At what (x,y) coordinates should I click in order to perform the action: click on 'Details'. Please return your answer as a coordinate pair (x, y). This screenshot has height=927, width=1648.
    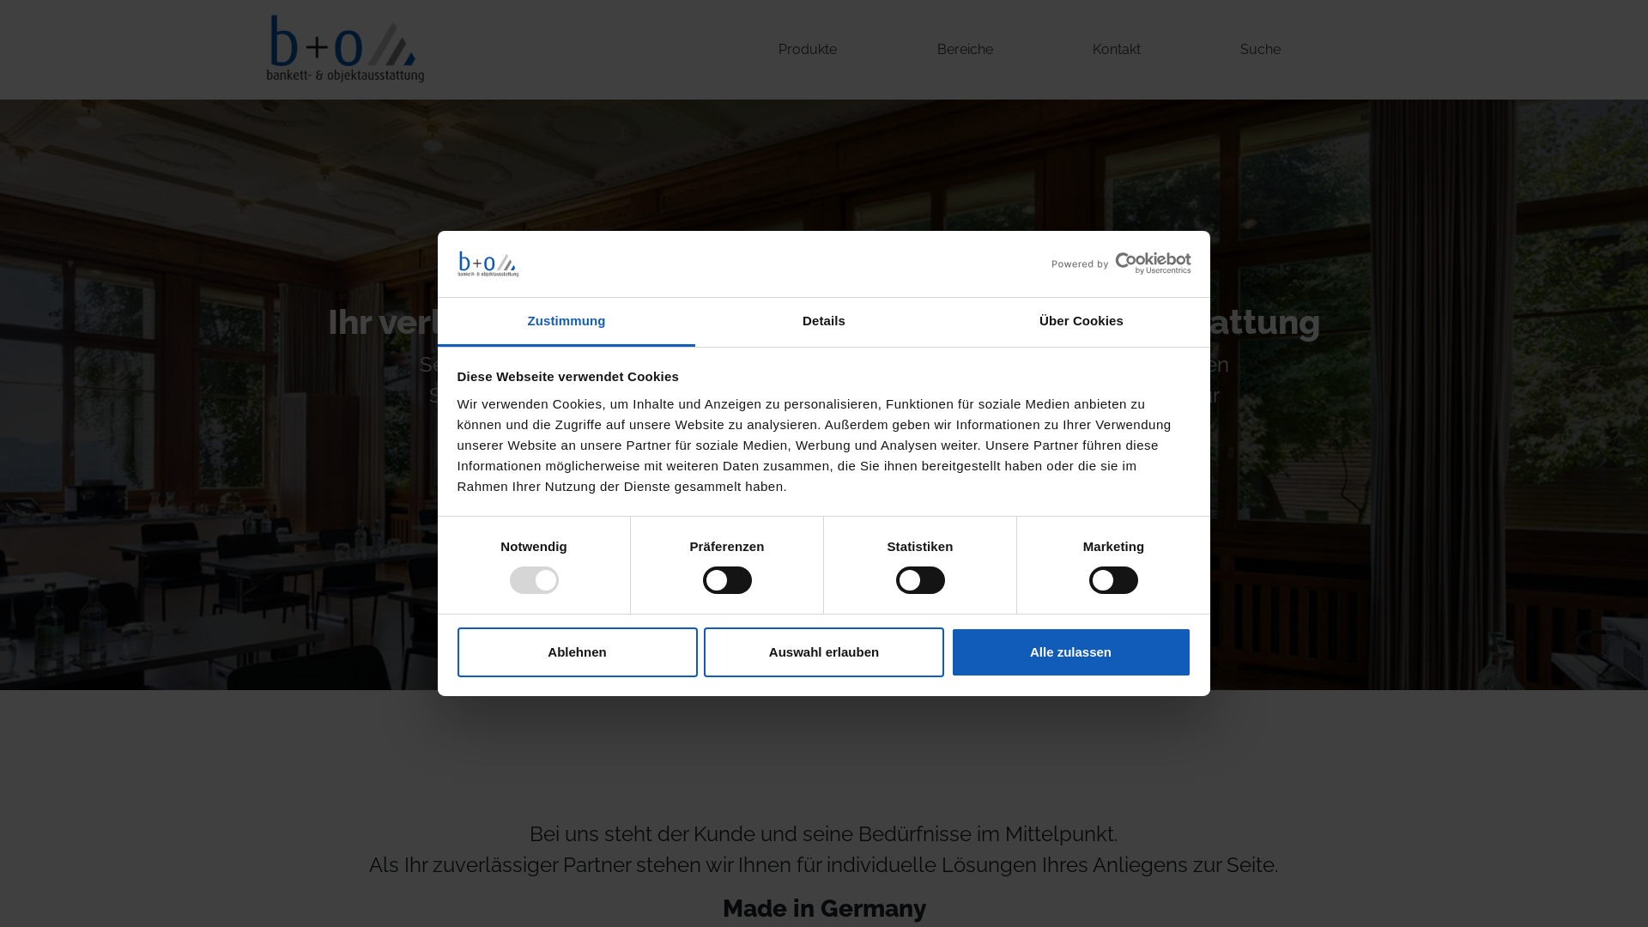
    Looking at the image, I should click on (824, 322).